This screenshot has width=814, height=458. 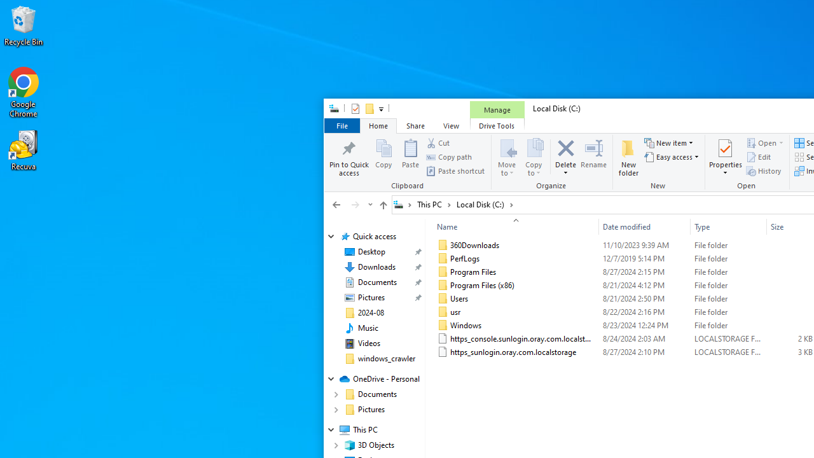 I want to click on 'Desktop (pinned)', so click(x=371, y=252).